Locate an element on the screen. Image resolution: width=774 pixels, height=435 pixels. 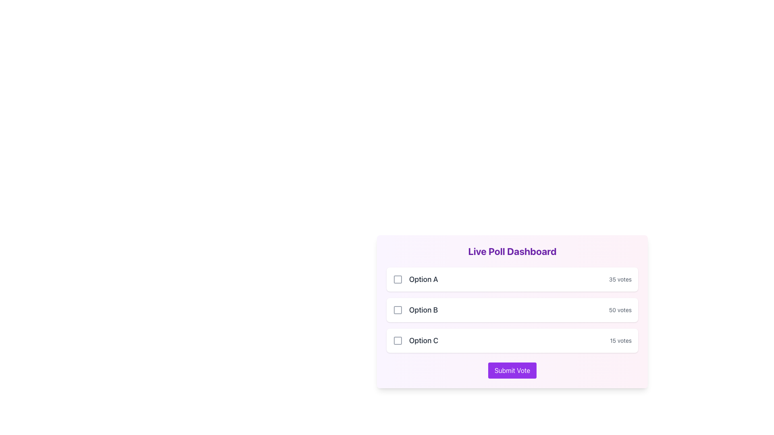
the label displaying 'Option A' that serves as the identifier for the associated checkbox in the 'Live Poll Dashboard' card is located at coordinates (423, 279).